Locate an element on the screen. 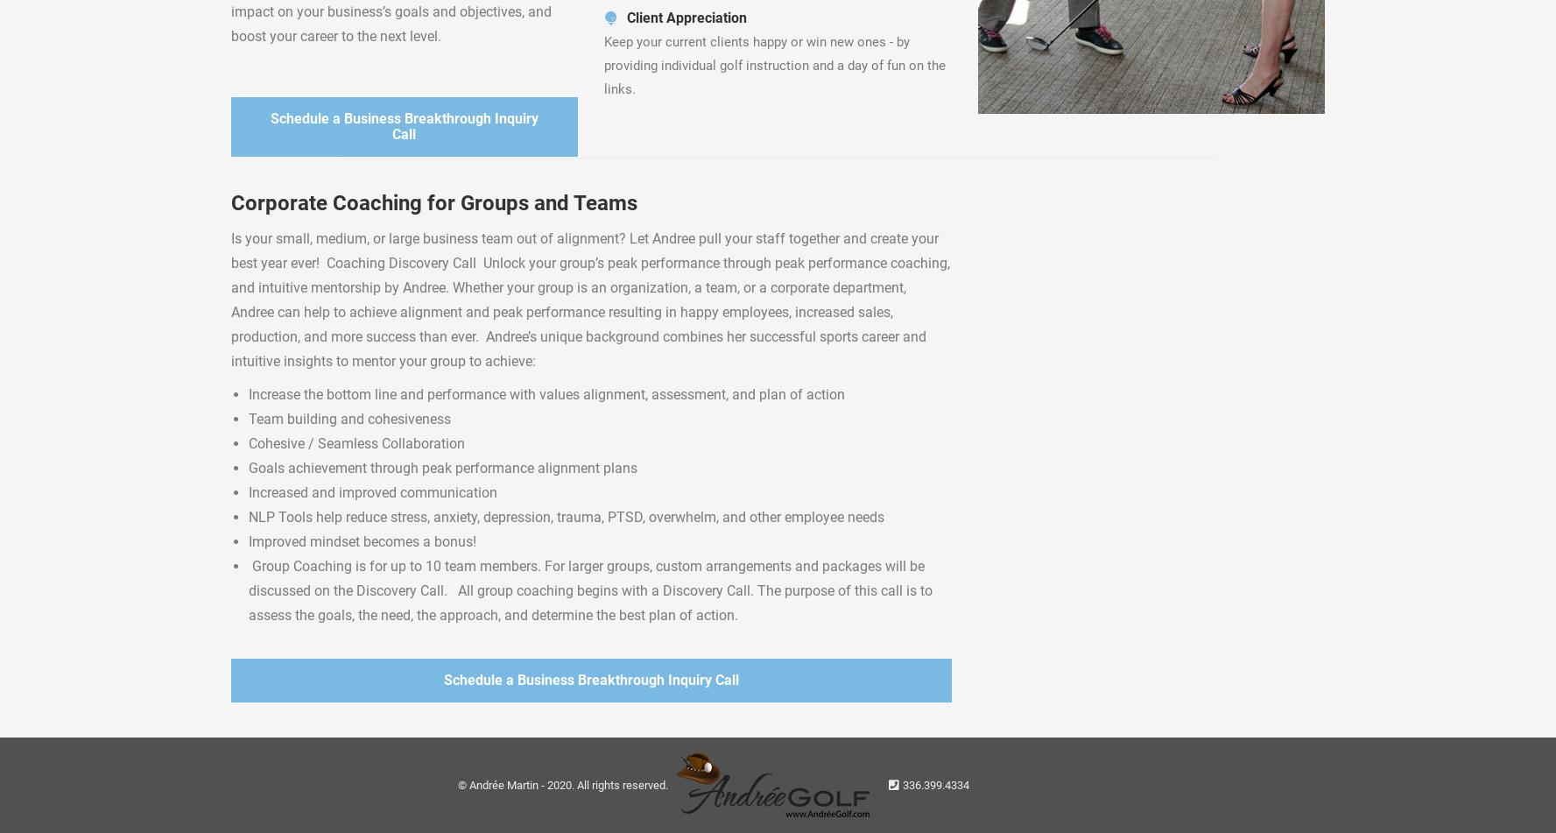 The image size is (1556, 833). 'Keep your current clients happy or win new ones - by providing individual golf instruction and a day of fun on the links.' is located at coordinates (603, 66).